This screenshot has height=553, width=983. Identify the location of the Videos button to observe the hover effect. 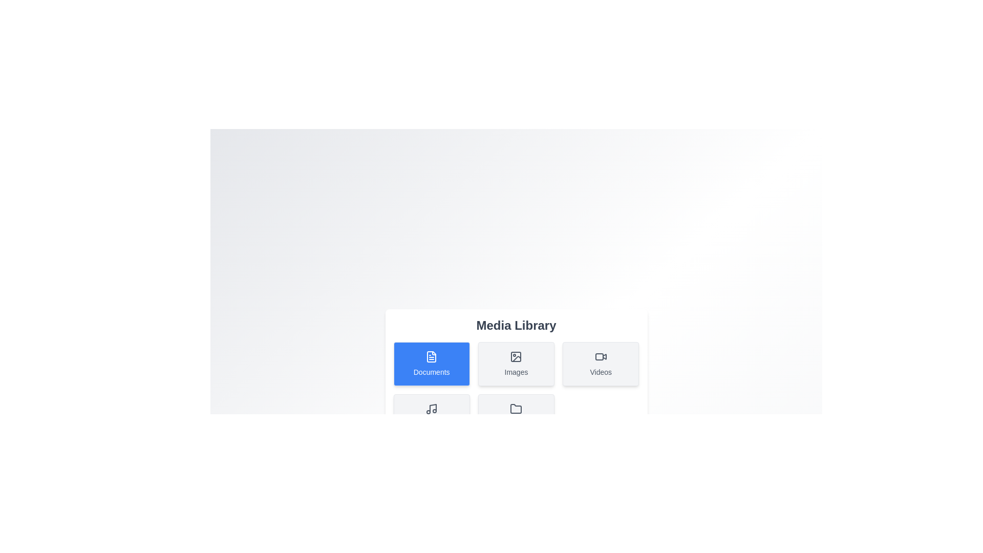
(601, 363).